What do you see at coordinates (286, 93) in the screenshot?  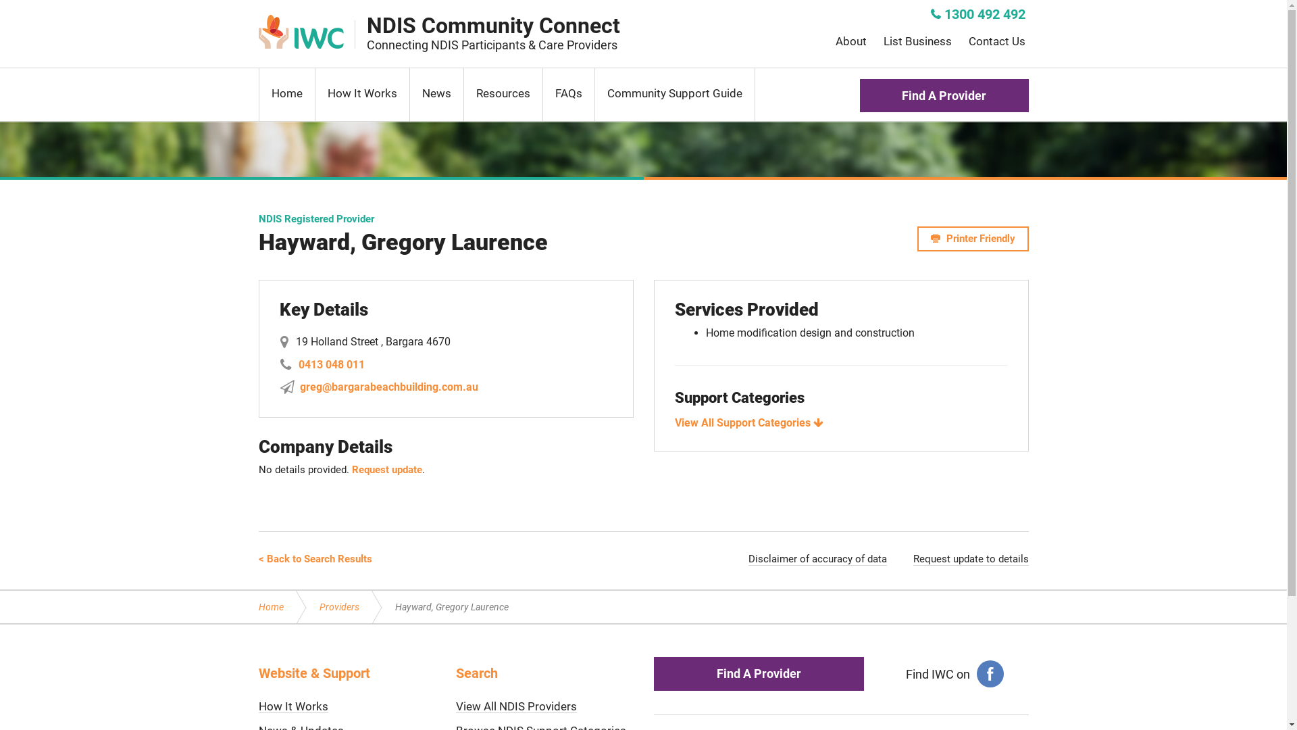 I see `'Home'` at bounding box center [286, 93].